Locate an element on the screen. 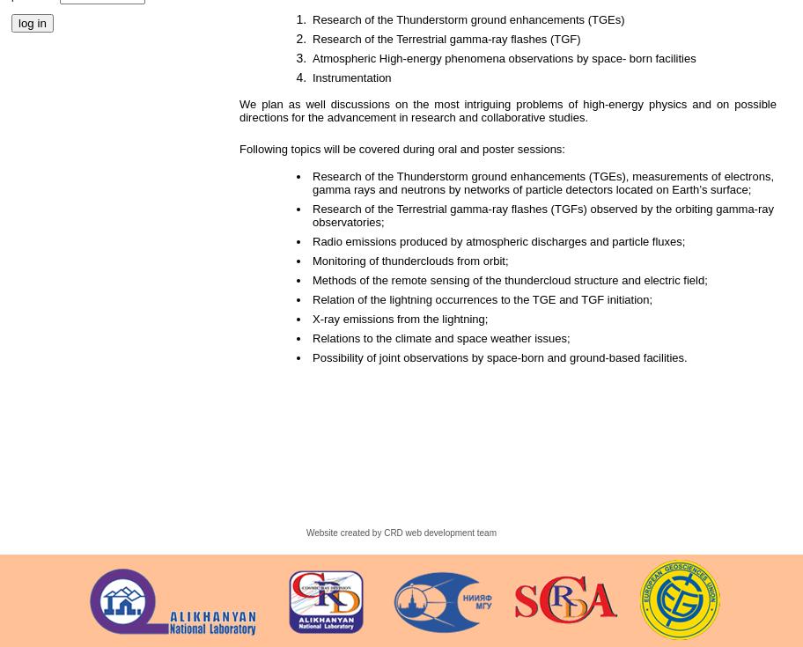  'Instrumentation' is located at coordinates (353, 77).